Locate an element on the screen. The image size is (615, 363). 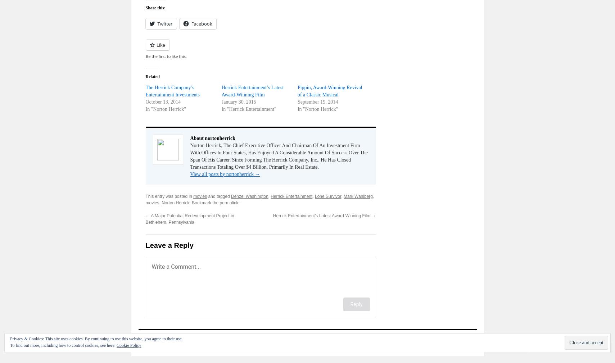
'This entry was posted in' is located at coordinates (169, 196).